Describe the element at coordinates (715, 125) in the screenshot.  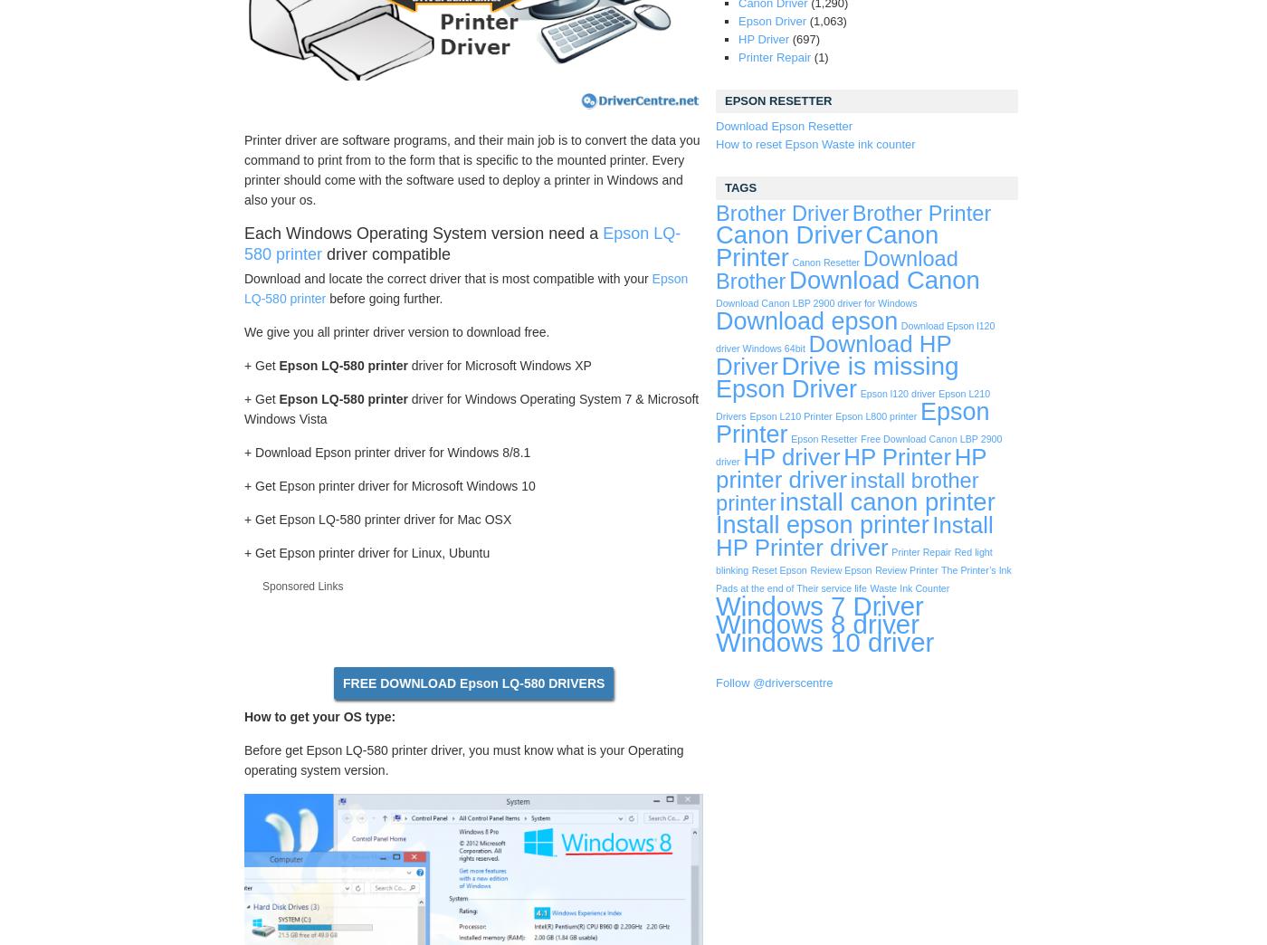
I see `'Download Epson Resetter'` at that location.